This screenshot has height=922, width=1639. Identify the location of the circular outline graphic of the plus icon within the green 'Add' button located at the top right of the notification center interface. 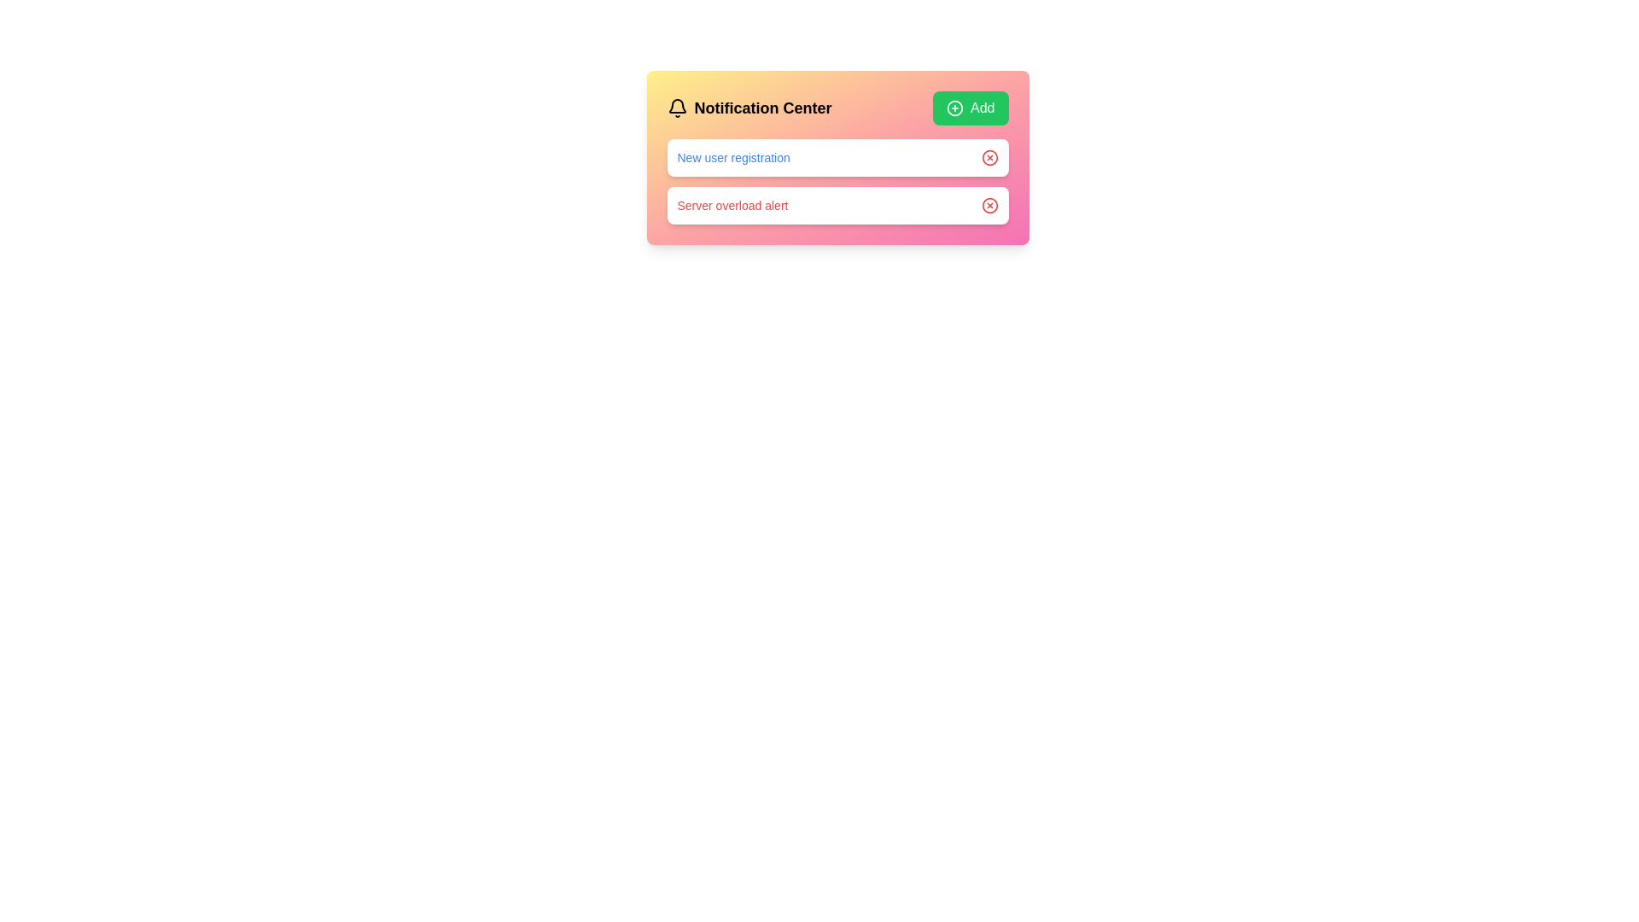
(954, 108).